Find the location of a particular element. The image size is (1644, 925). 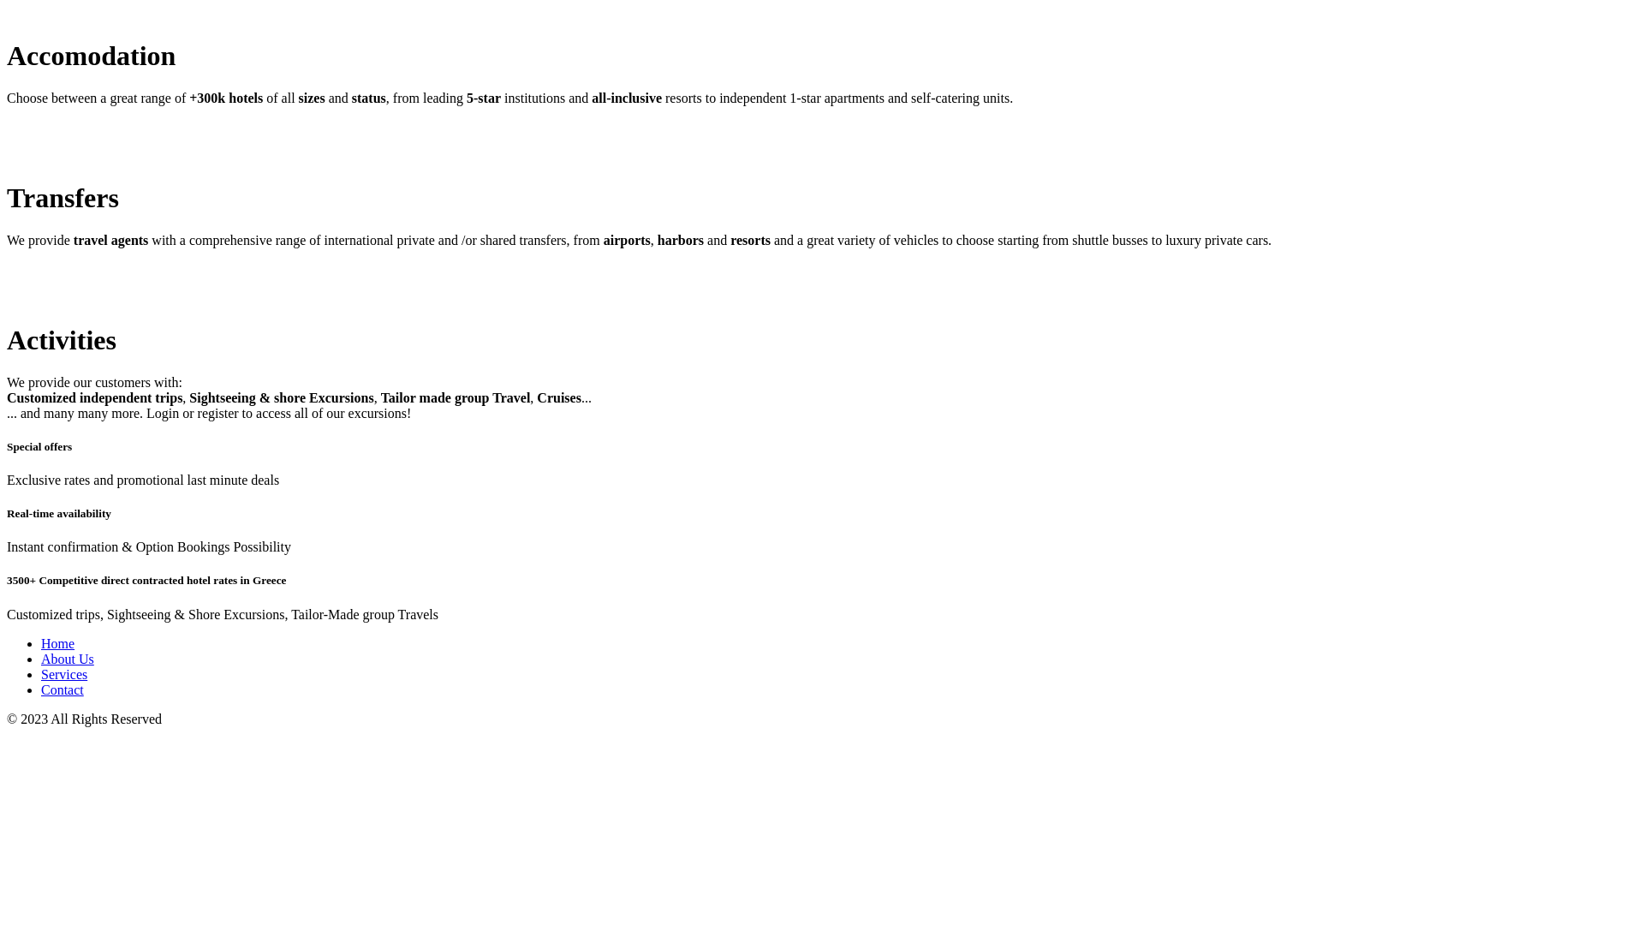

'Services' is located at coordinates (64, 673).